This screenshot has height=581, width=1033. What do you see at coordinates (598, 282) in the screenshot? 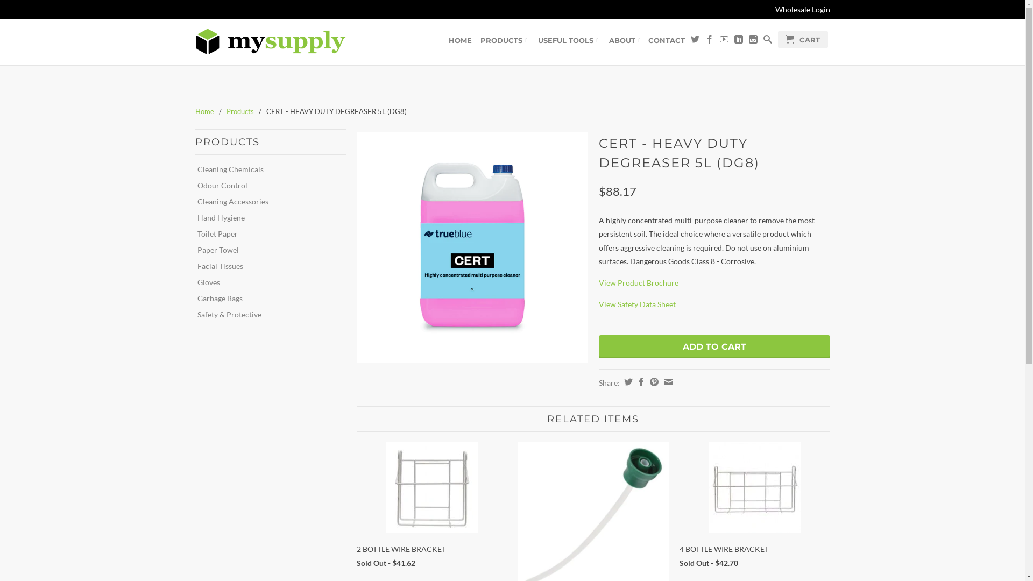
I see `'View Product Brochure'` at bounding box center [598, 282].